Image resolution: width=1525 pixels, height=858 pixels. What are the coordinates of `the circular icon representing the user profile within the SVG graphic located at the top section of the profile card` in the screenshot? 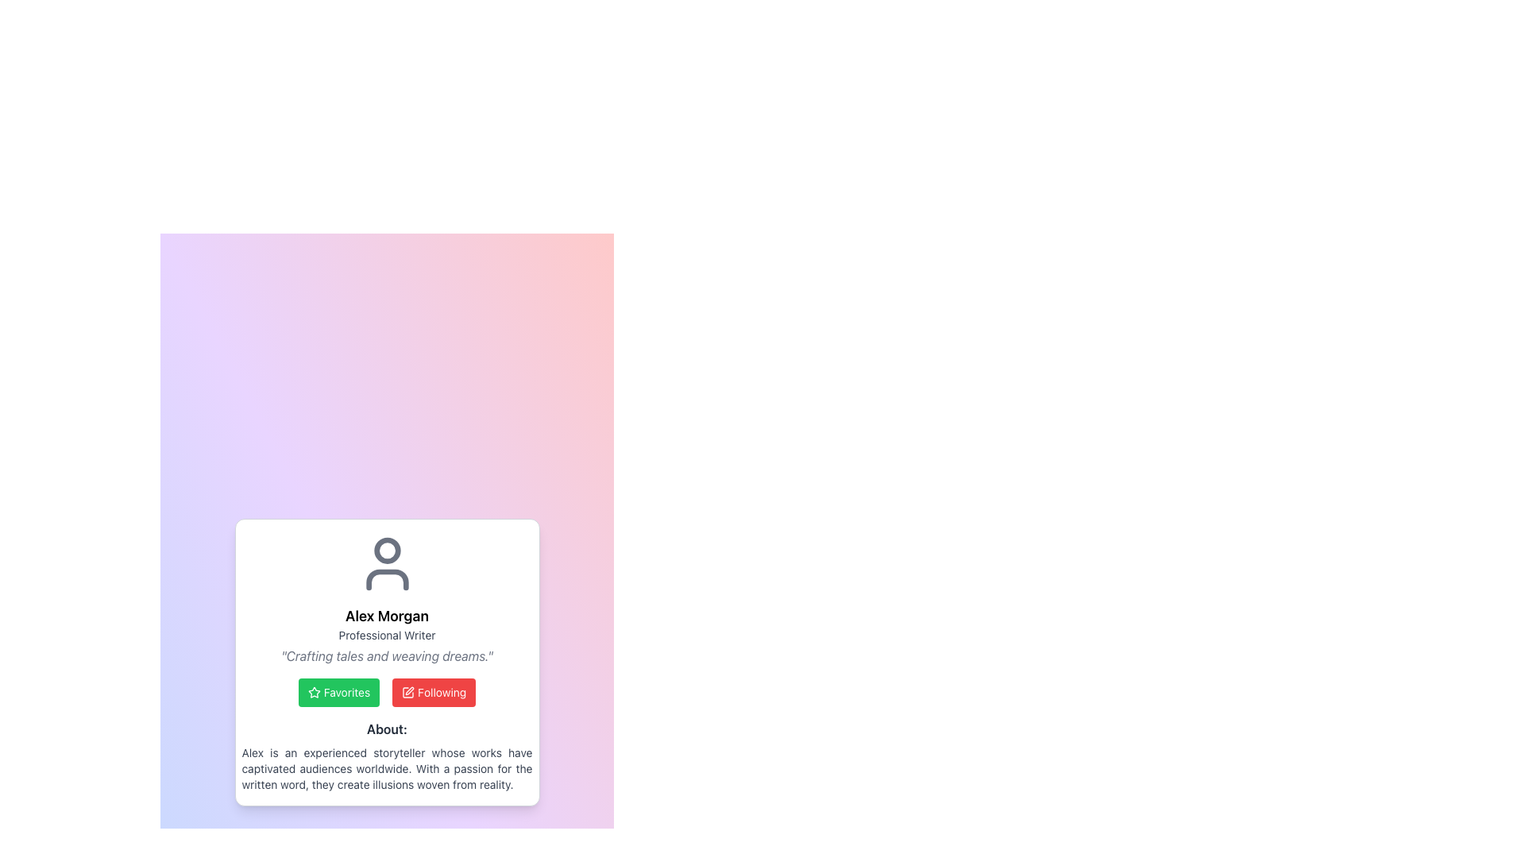 It's located at (387, 550).